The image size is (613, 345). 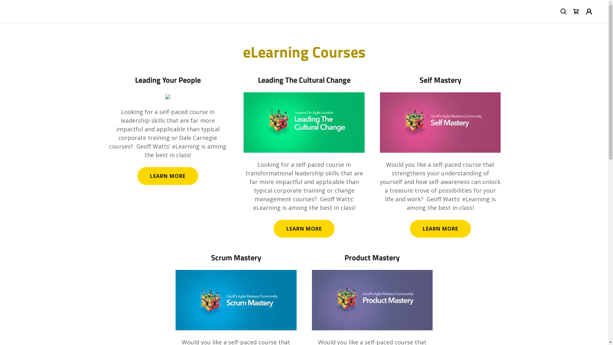 What do you see at coordinates (304, 228) in the screenshot?
I see `'LEARN MORE'` at bounding box center [304, 228].